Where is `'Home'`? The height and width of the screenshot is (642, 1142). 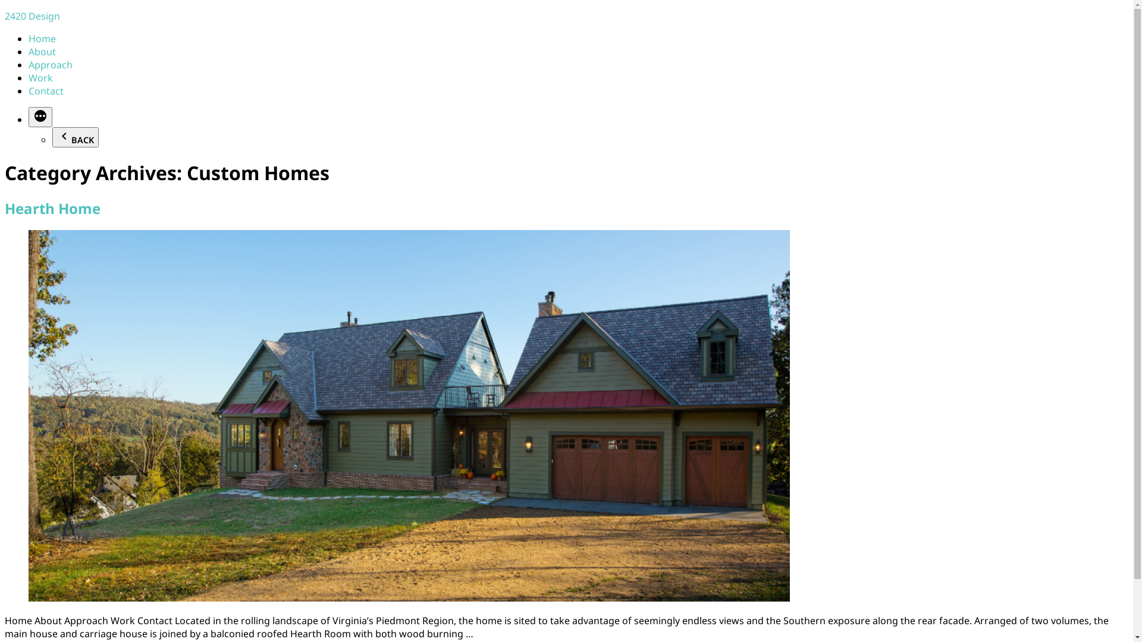 'Home' is located at coordinates (42, 38).